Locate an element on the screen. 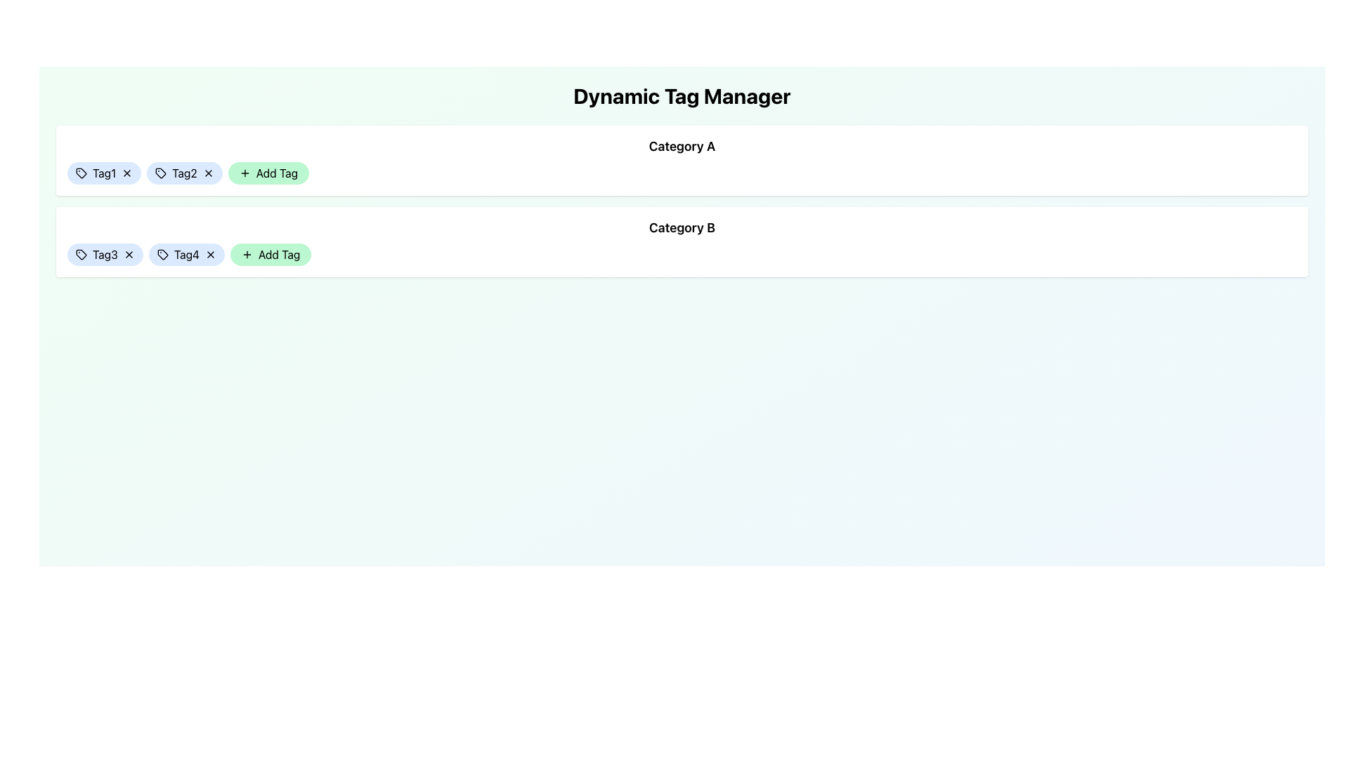  the icon that visually represents the tag element in the second tag ('Tag2') of the first group under 'Category A', located to the left of the text label is located at coordinates (161, 172).